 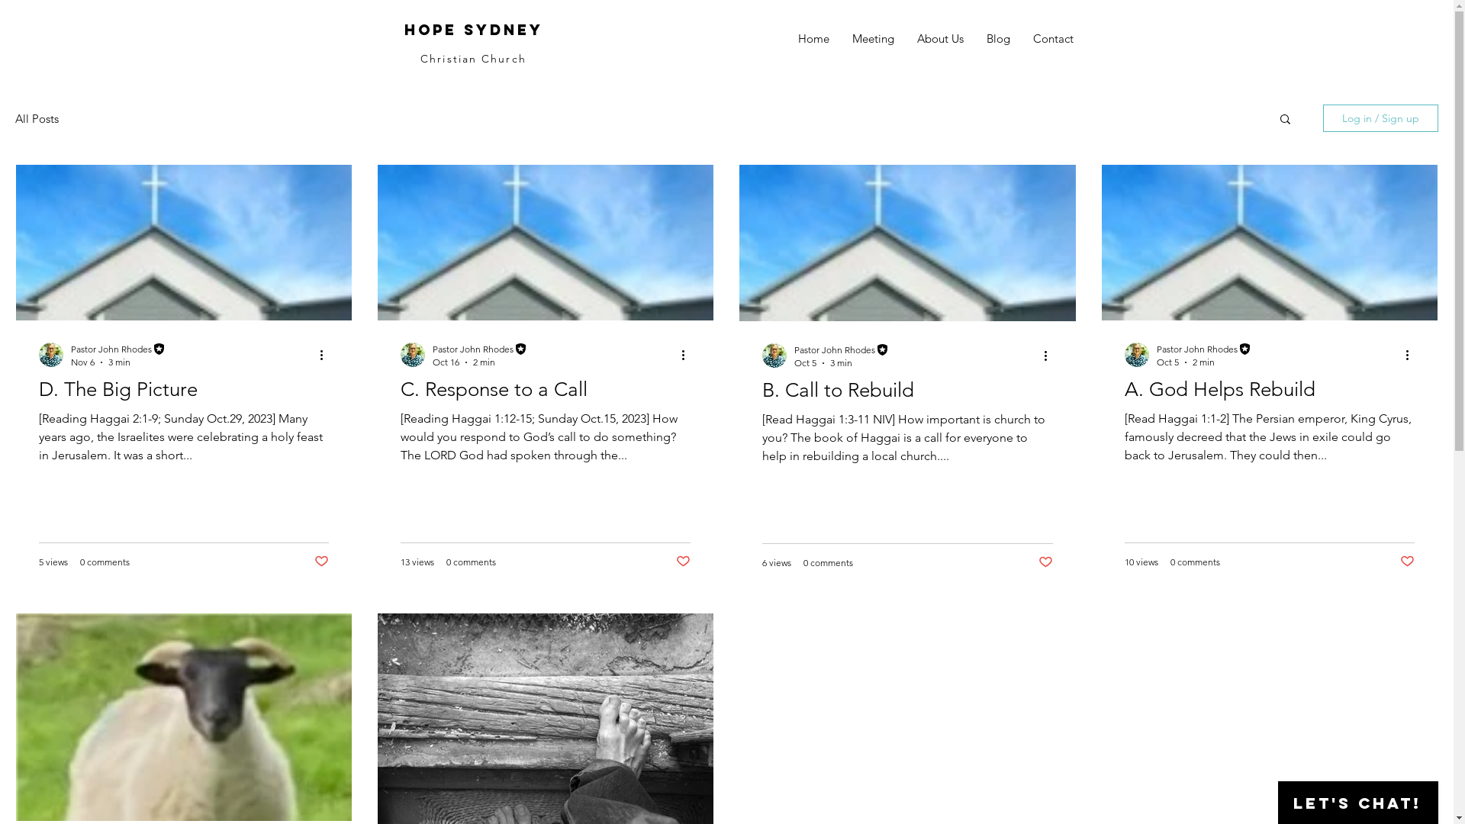 What do you see at coordinates (812, 37) in the screenshot?
I see `'Home'` at bounding box center [812, 37].